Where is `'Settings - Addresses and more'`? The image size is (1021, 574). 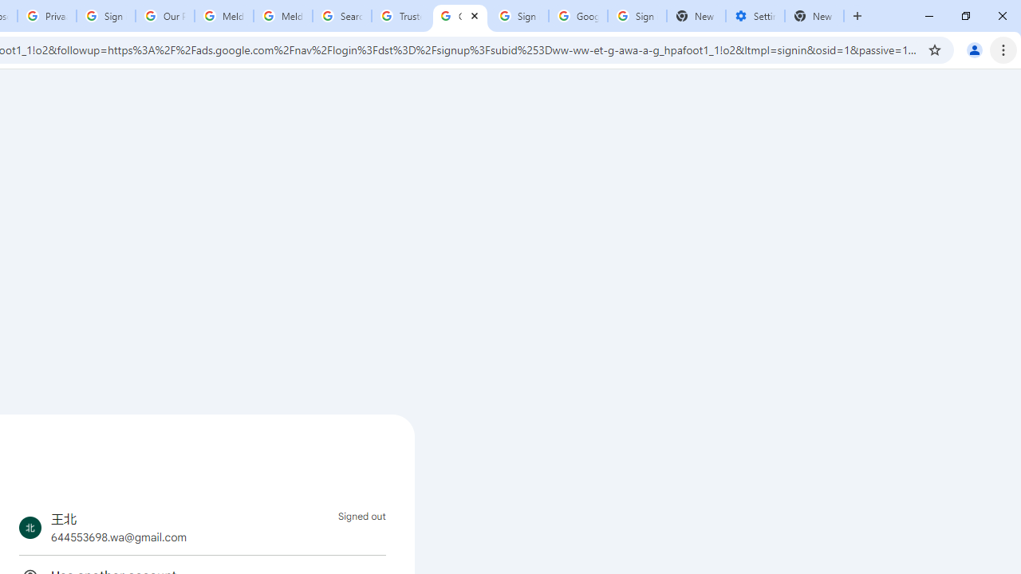 'Settings - Addresses and more' is located at coordinates (755, 16).